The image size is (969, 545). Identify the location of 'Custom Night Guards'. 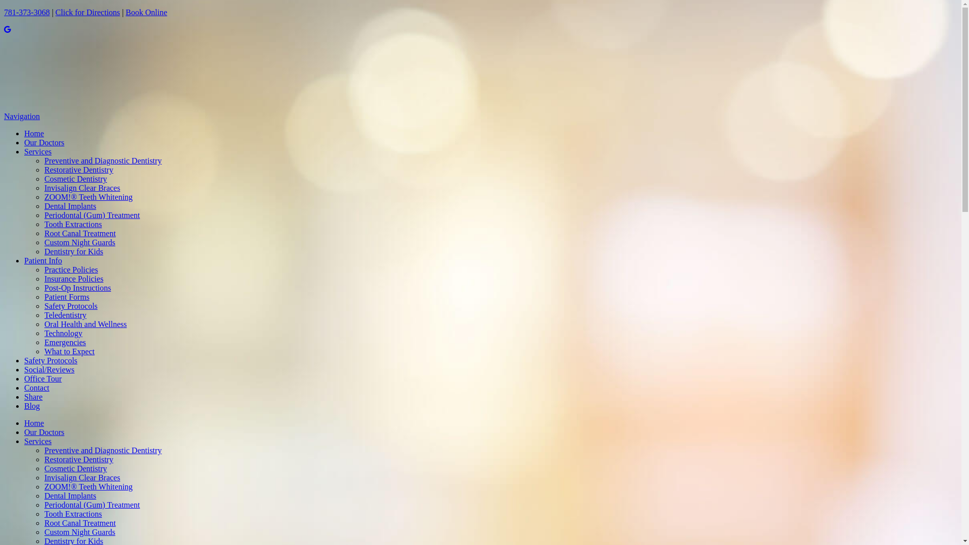
(79, 242).